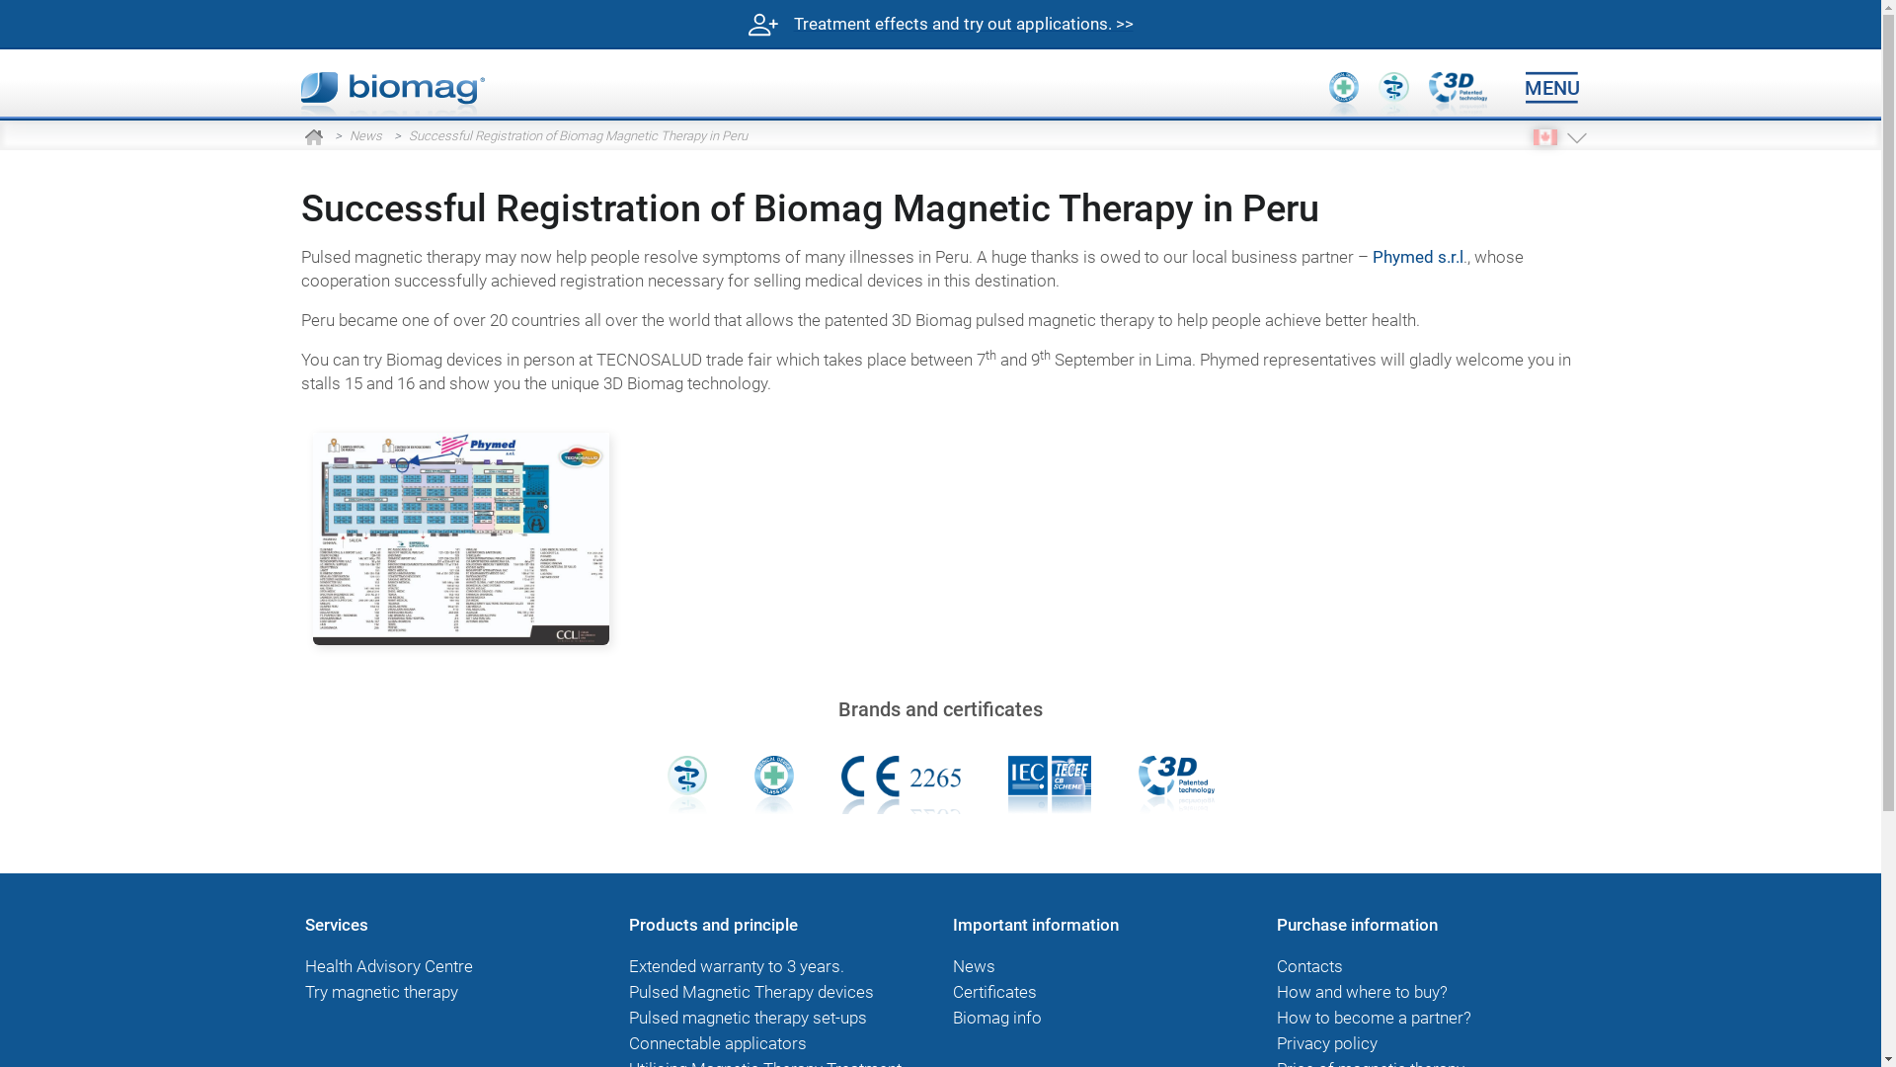  What do you see at coordinates (749, 991) in the screenshot?
I see `'Pulsed Magnetic Therapy devices'` at bounding box center [749, 991].